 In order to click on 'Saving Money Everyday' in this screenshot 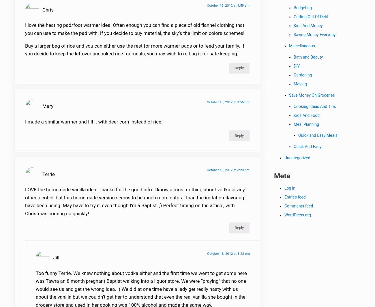, I will do `click(293, 35)`.